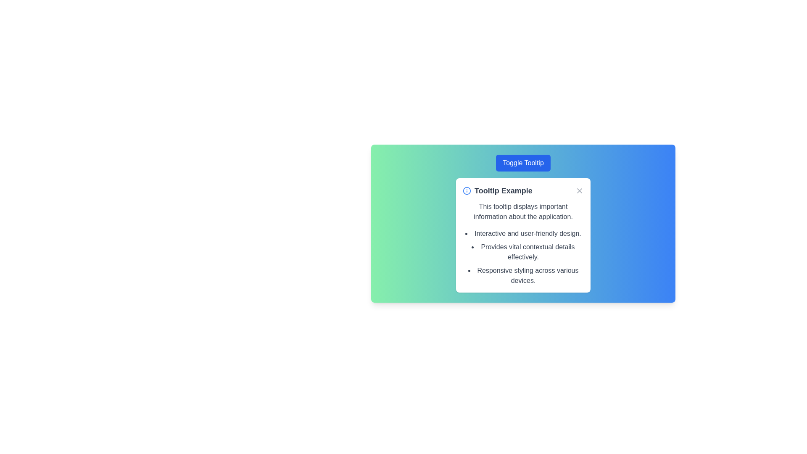  Describe the element at coordinates (522, 252) in the screenshot. I see `the second bullet-point entry in the tooltip that contains the text 'Provides vital contextual details effectively.' to read it` at that location.